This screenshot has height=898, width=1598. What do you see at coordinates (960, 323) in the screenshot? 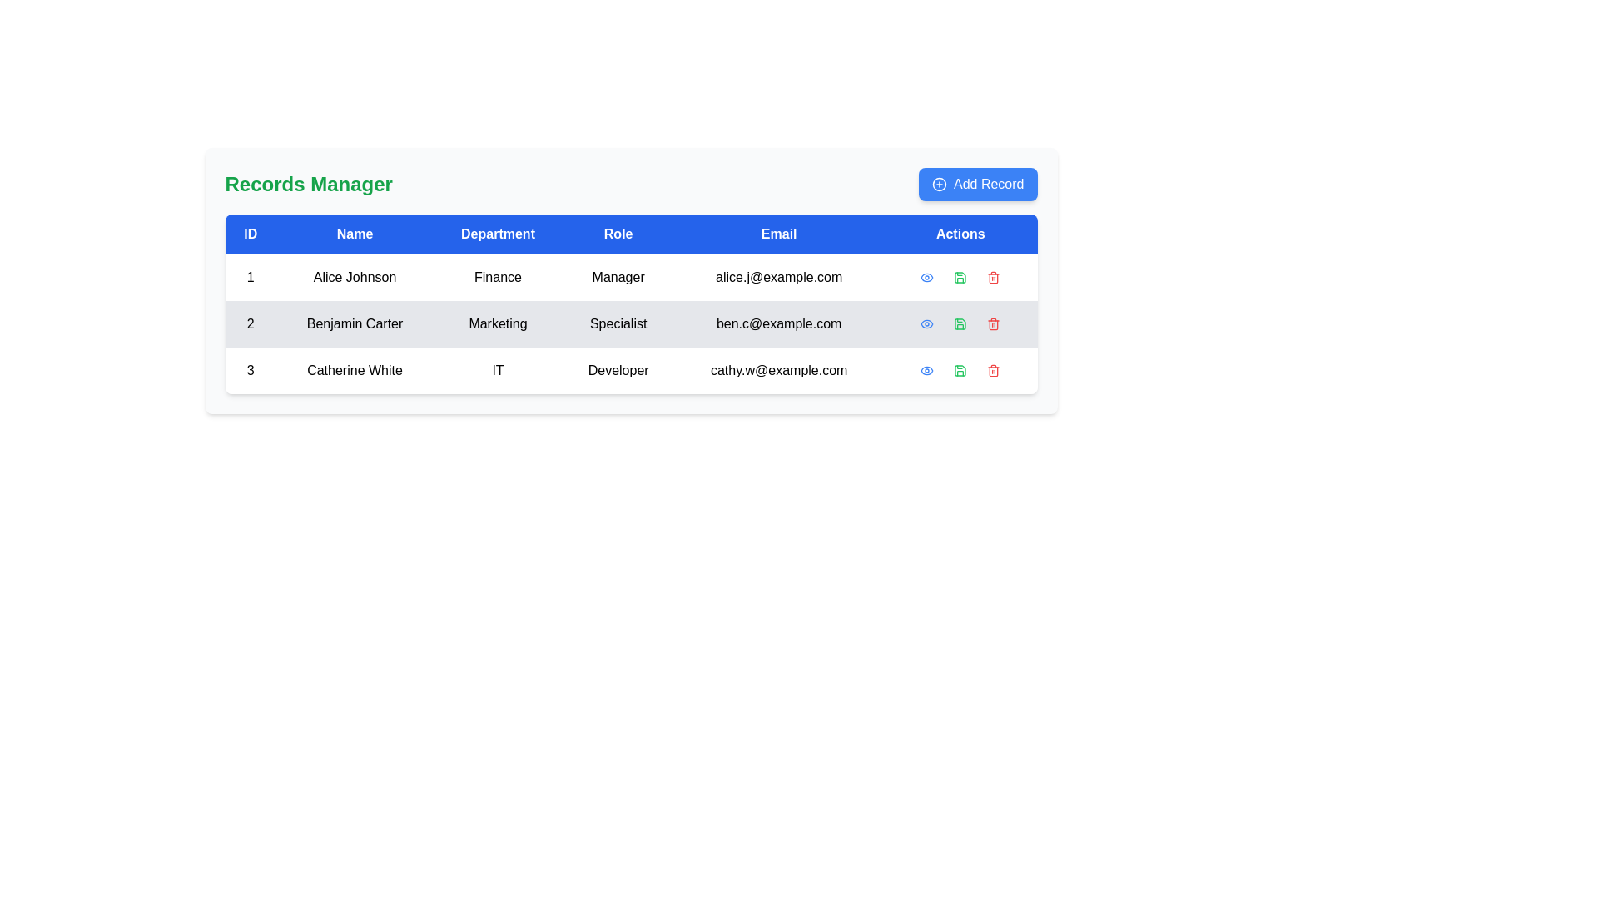
I see `the small rounded button with a save icon located` at bounding box center [960, 323].